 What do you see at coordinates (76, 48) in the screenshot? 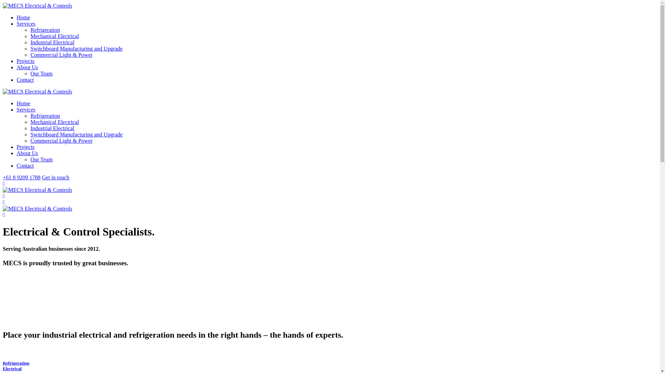
I see `'Switchboard Manufacturing and Upgrade'` at bounding box center [76, 48].